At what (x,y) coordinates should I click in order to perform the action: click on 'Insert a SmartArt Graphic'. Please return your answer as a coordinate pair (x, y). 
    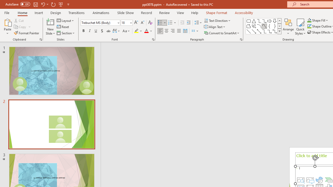
    Looking at the image, I should click on (329, 180).